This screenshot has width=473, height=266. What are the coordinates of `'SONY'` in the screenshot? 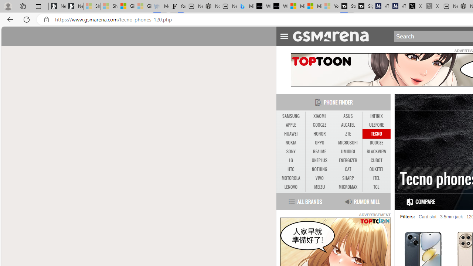 It's located at (290, 151).